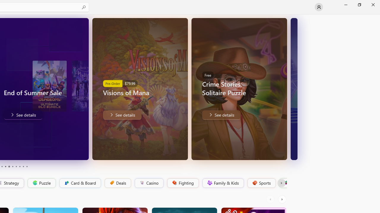 This screenshot has width=380, height=213. What do you see at coordinates (182, 183) in the screenshot?
I see `'Fighting'` at bounding box center [182, 183].